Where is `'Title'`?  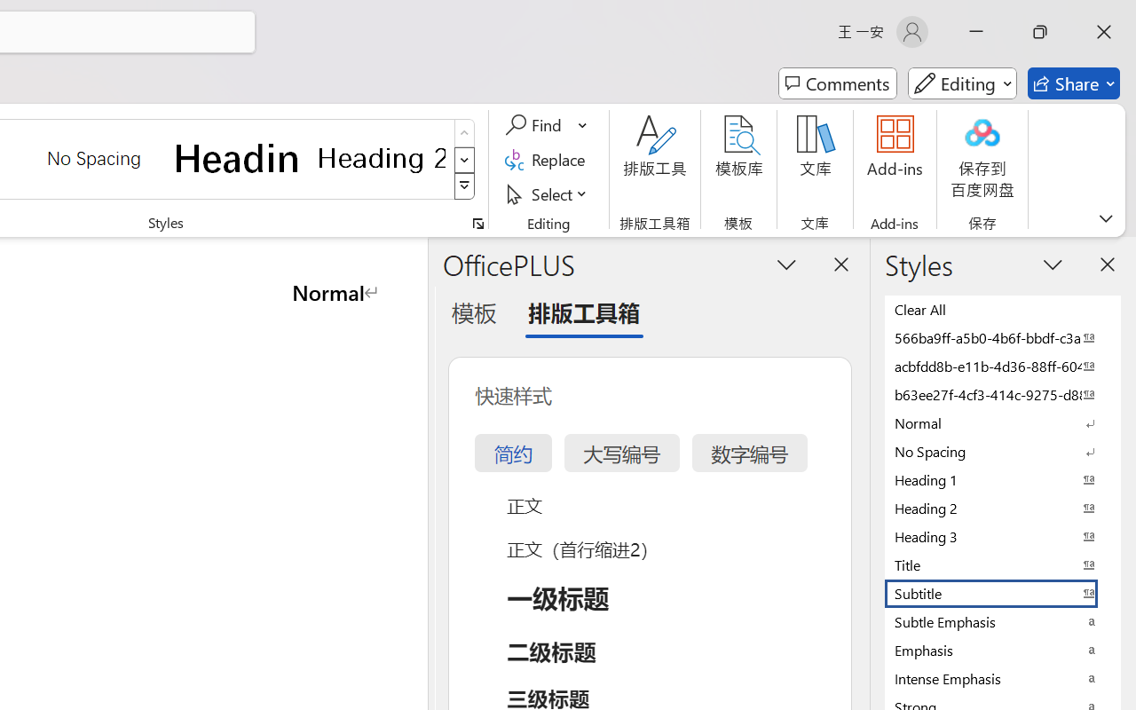 'Title' is located at coordinates (1003, 564).